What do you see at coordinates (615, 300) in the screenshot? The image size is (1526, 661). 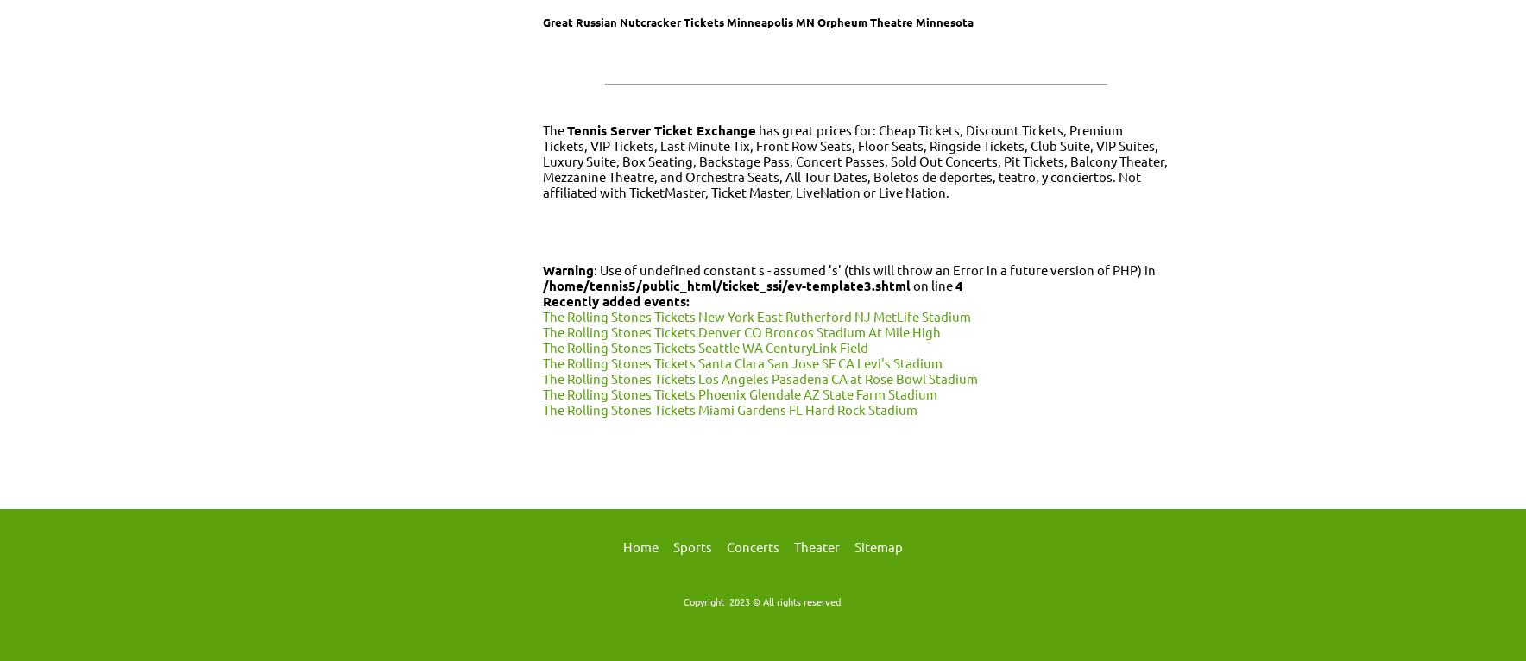 I see `'Recently added events:'` at bounding box center [615, 300].